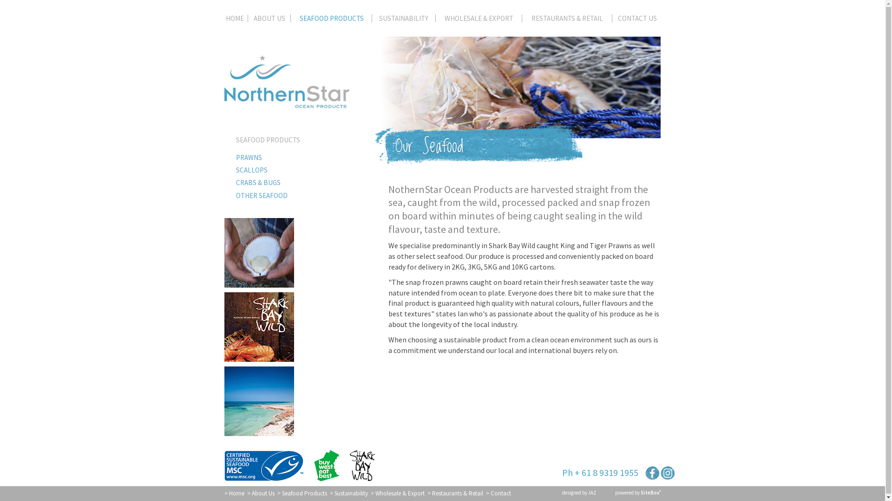  I want to click on 'WHOLESALE, so click(435, 20).